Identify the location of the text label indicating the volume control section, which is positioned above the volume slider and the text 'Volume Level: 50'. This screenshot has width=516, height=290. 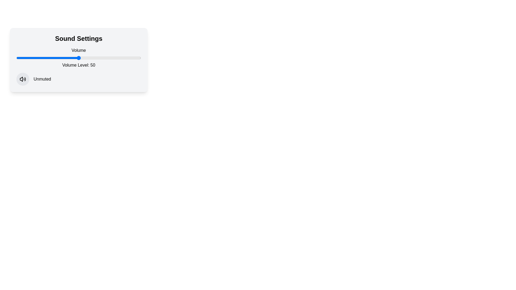
(78, 50).